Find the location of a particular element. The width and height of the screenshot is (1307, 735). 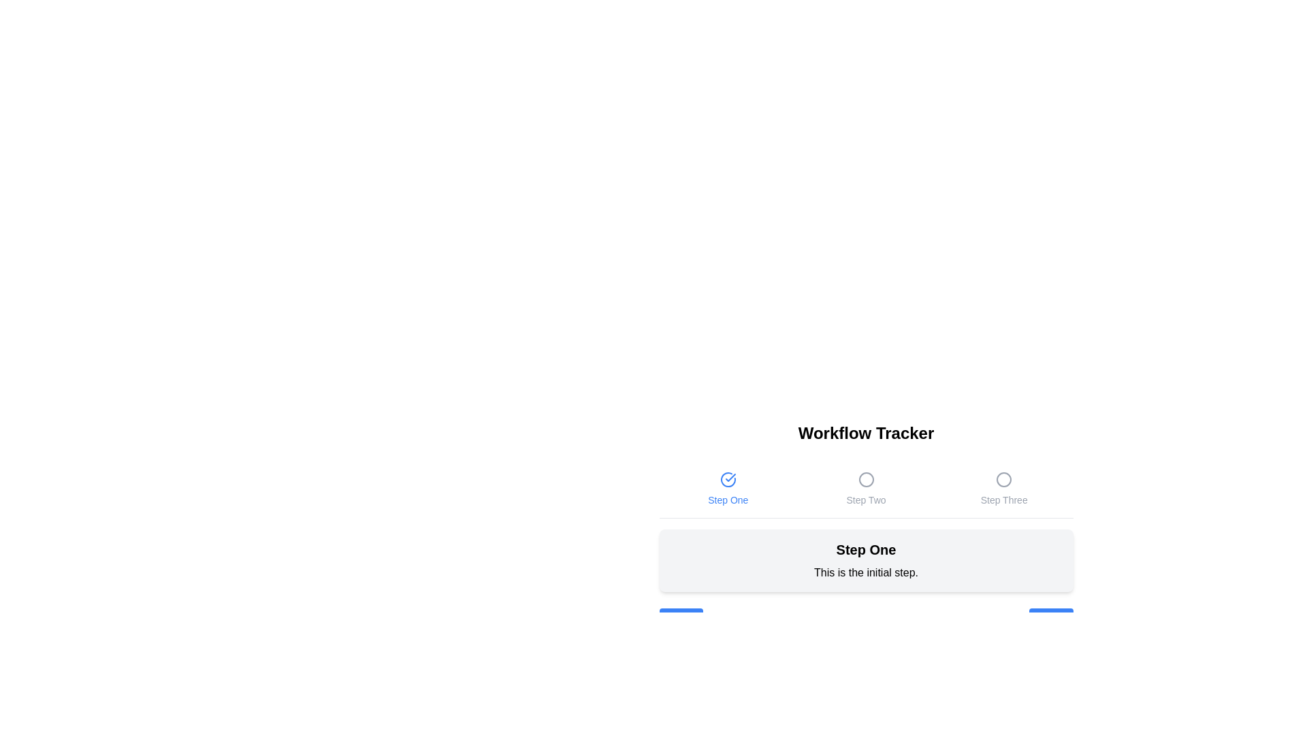

the progress tracker steps for details, located beneath the 'Workflow Tracker' title and above 'Step One' is located at coordinates (865, 489).